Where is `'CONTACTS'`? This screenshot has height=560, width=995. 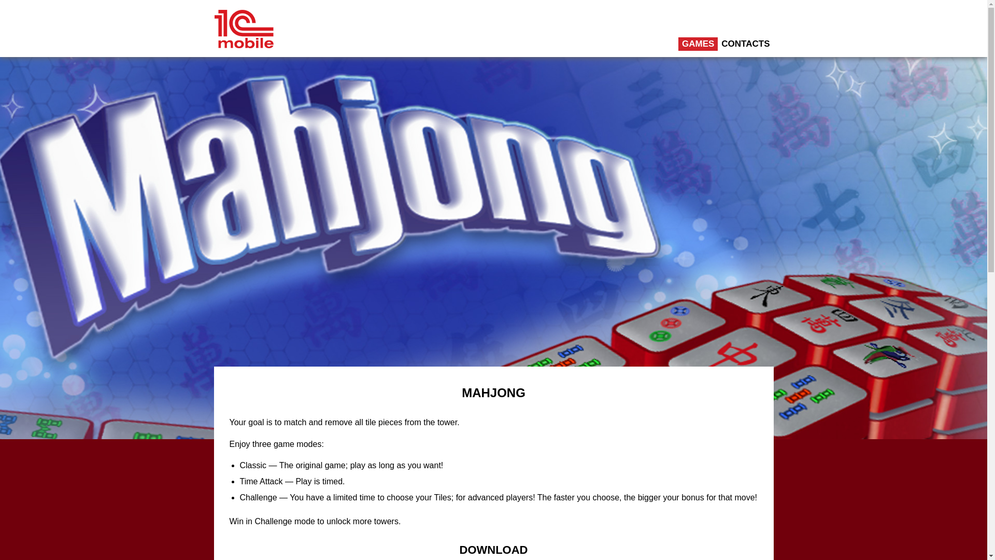 'CONTACTS' is located at coordinates (745, 43).